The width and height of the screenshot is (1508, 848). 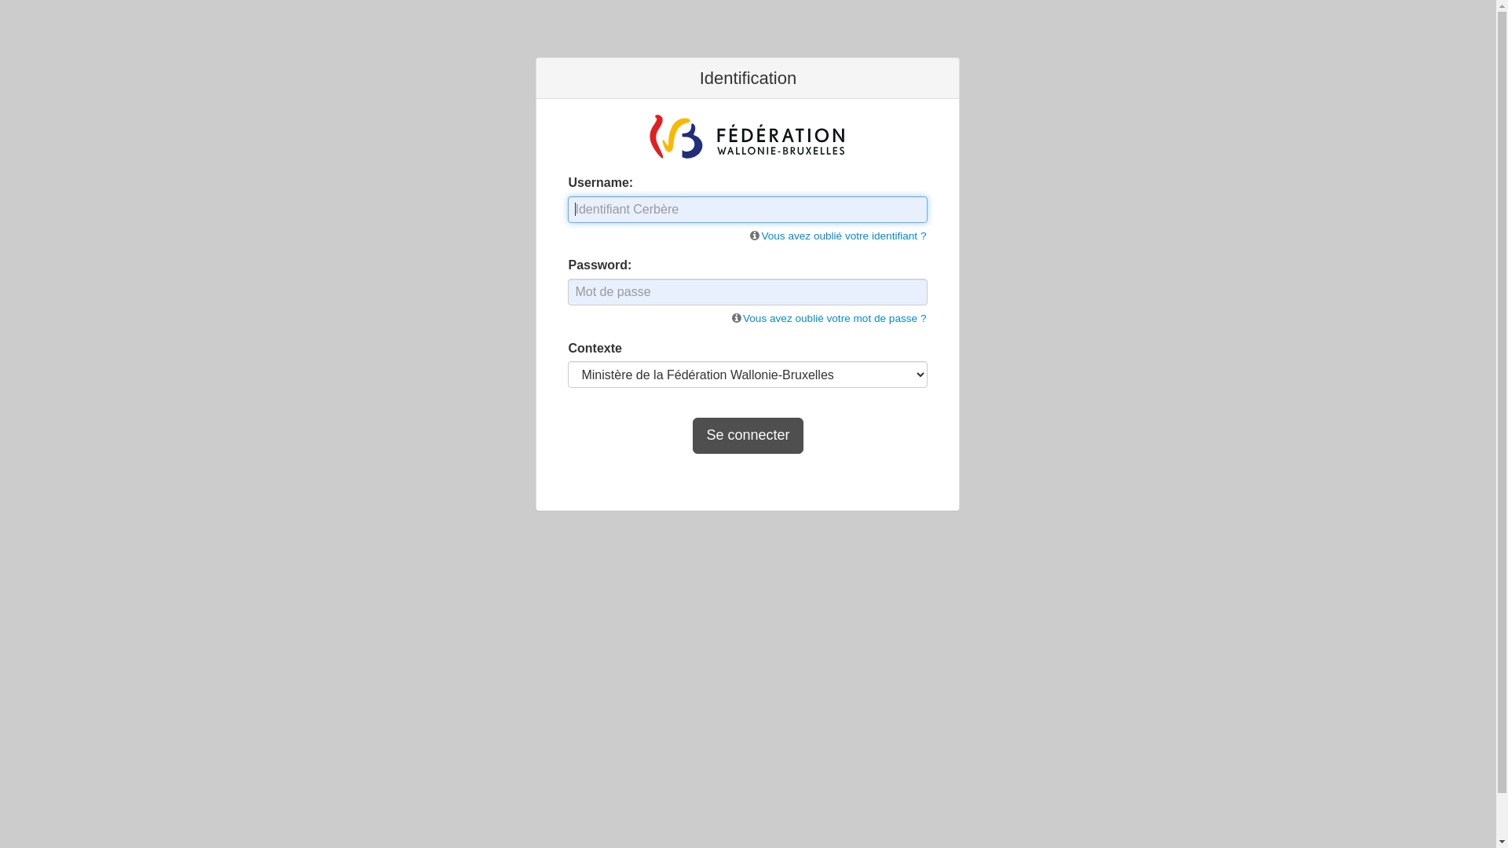 What do you see at coordinates (692, 436) in the screenshot?
I see `'Se connecter'` at bounding box center [692, 436].